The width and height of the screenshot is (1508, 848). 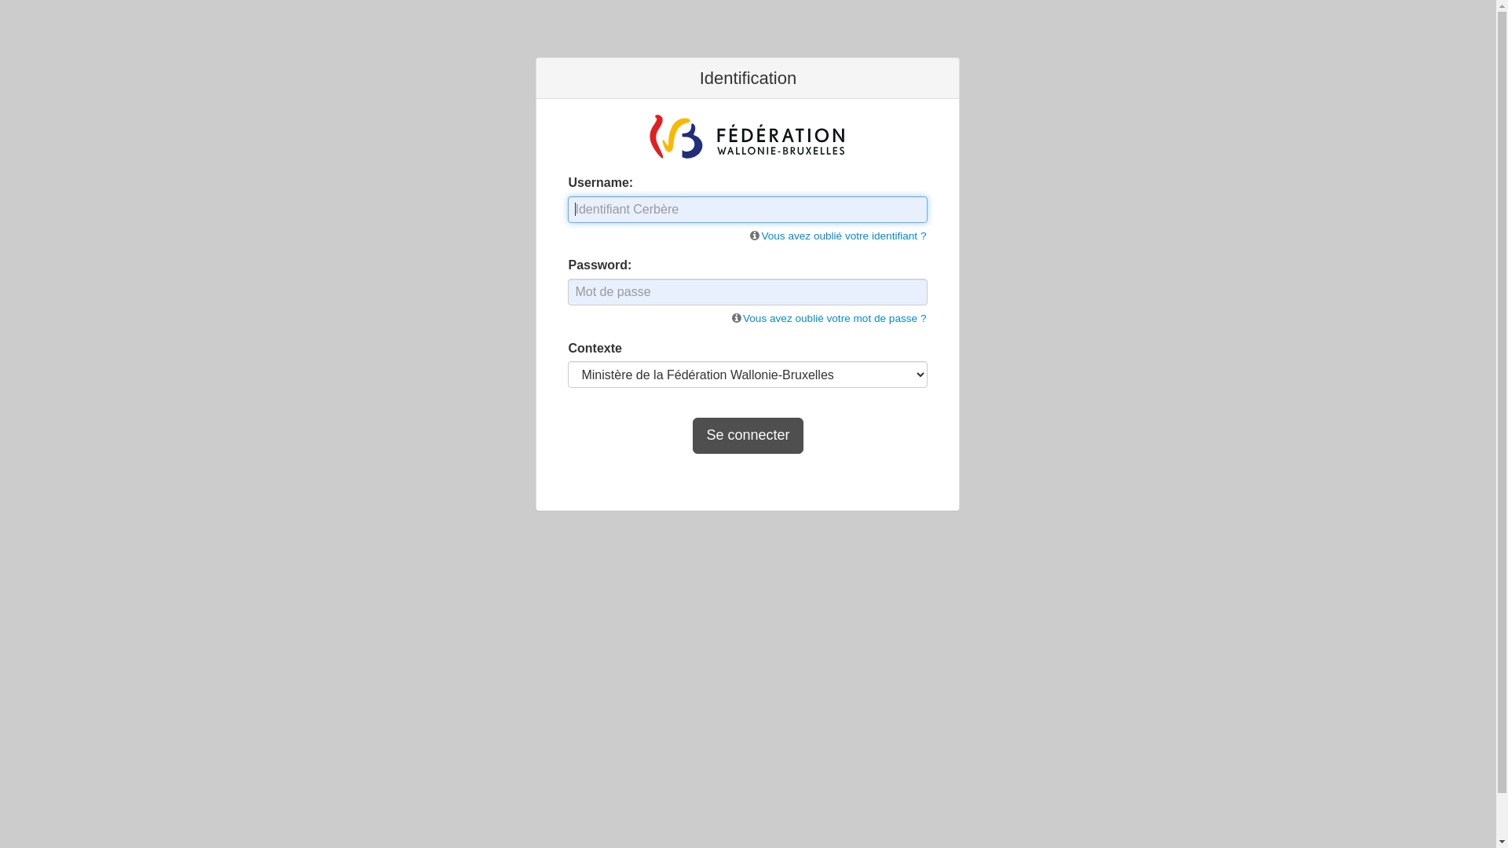 What do you see at coordinates (692, 436) in the screenshot?
I see `'Se connecter'` at bounding box center [692, 436].